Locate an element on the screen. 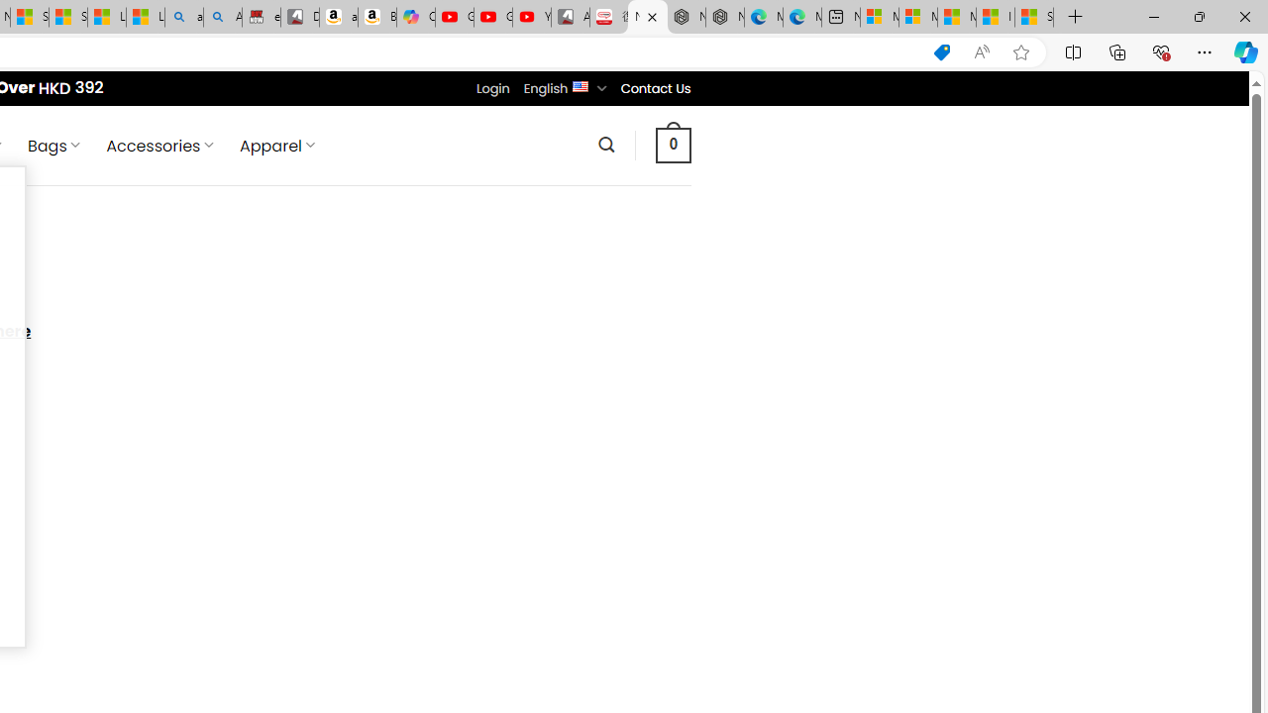 This screenshot has width=1268, height=713. 'Copilot' is located at coordinates (414, 17).